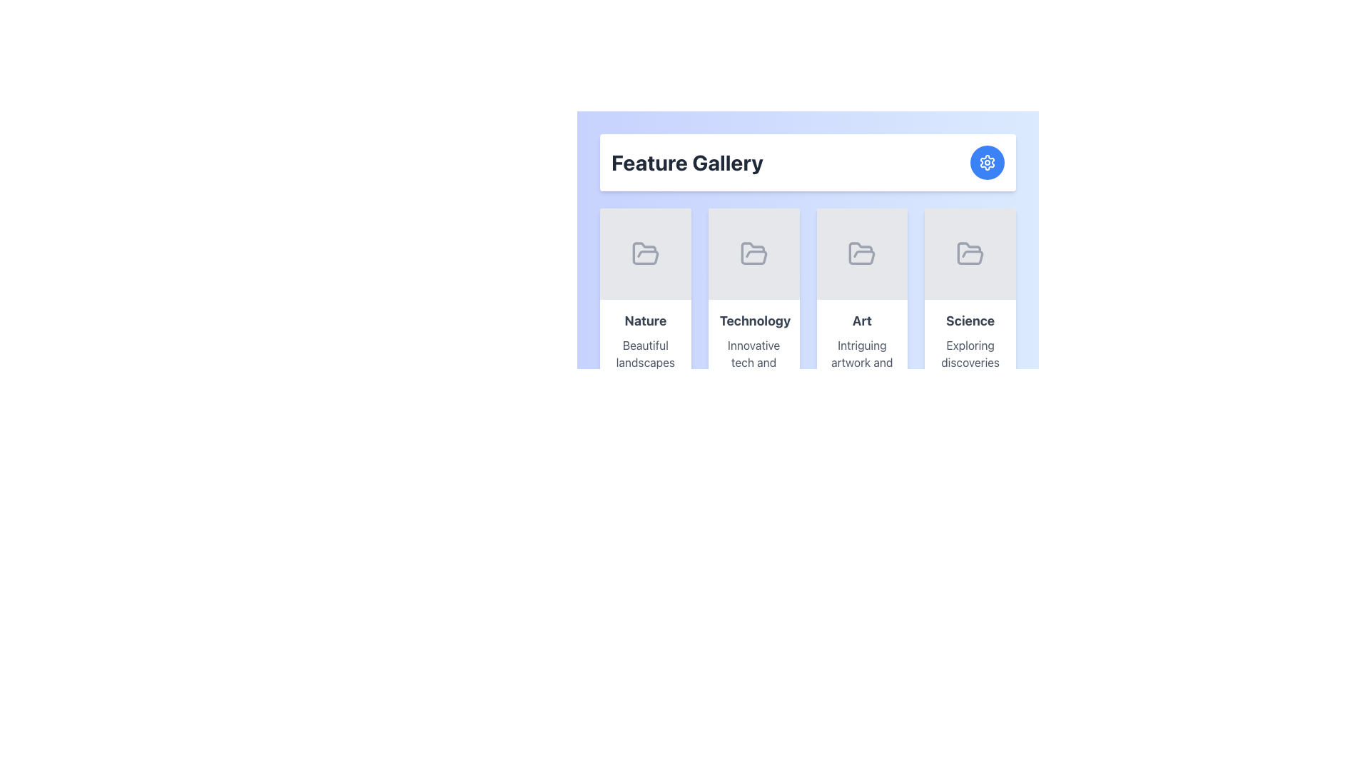 This screenshot has height=771, width=1370. I want to click on the text element displaying 'Intriguing artwork and paintings.' which is located below the 'Art' header in the third card of the horizontal series, so click(861, 362).